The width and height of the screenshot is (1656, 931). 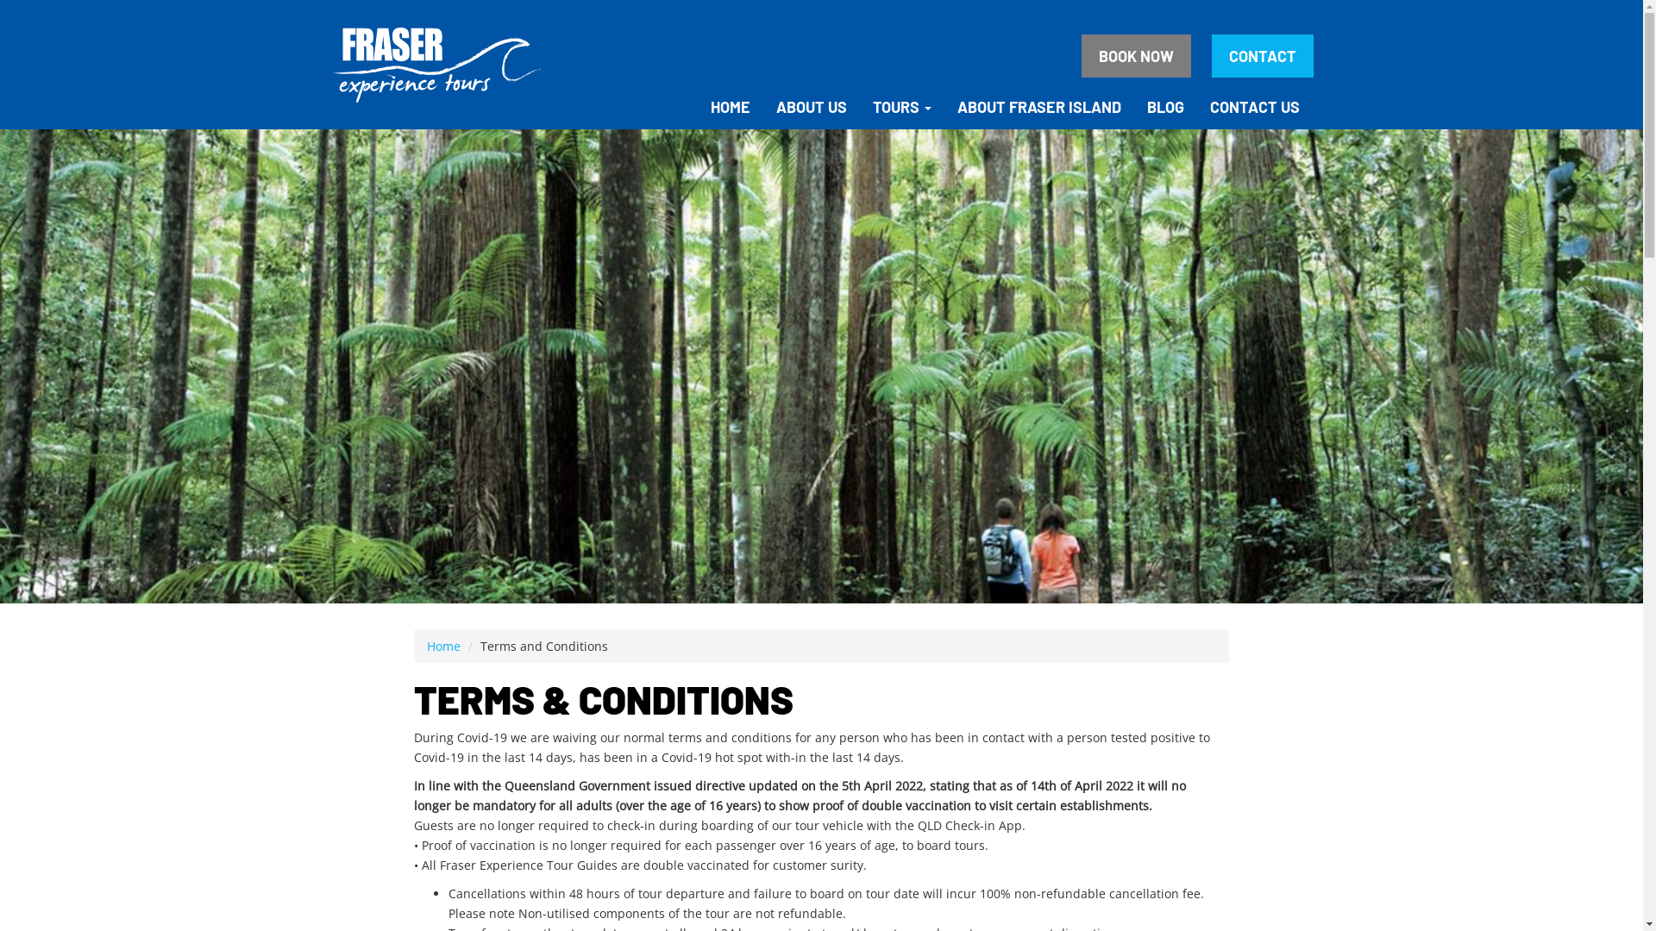 I want to click on 'TOURS', so click(x=859, y=106).